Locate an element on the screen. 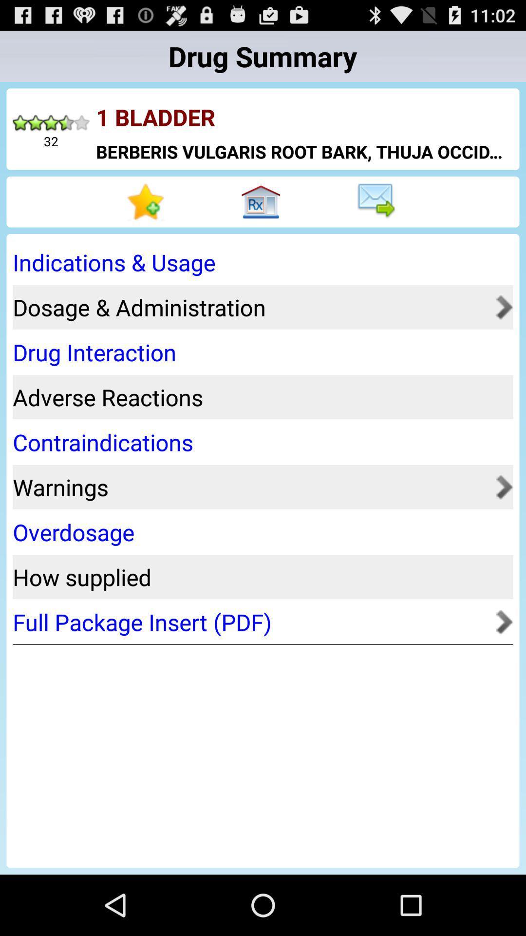 The width and height of the screenshot is (526, 936). this article is located at coordinates (148, 201).